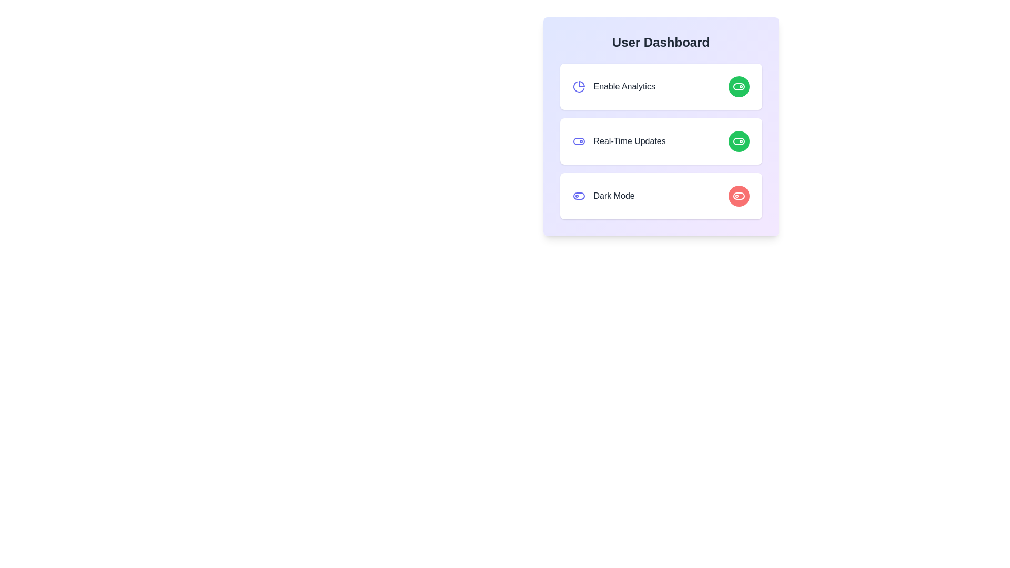 The width and height of the screenshot is (1010, 568). What do you see at coordinates (614, 86) in the screenshot?
I see `the descriptive text label indicating the functionality of the analytics feature in the user dashboard, which is positioned at the top of a vertically stacked list of options` at bounding box center [614, 86].